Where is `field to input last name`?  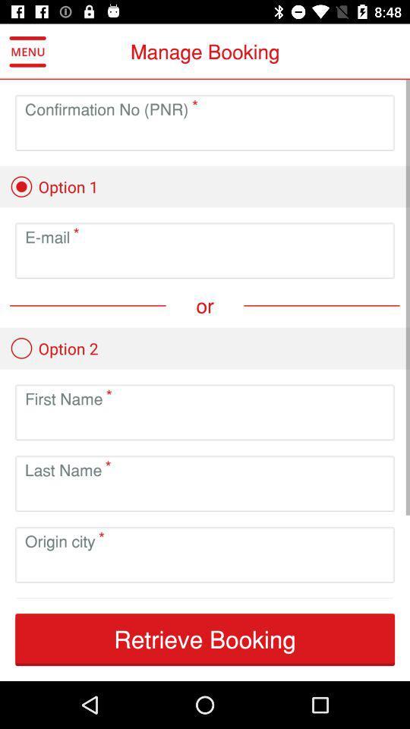 field to input last name is located at coordinates (205, 494).